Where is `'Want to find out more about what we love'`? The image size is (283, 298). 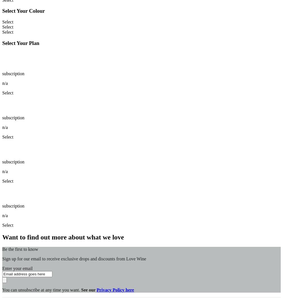 'Want to find out more about what we love' is located at coordinates (63, 237).